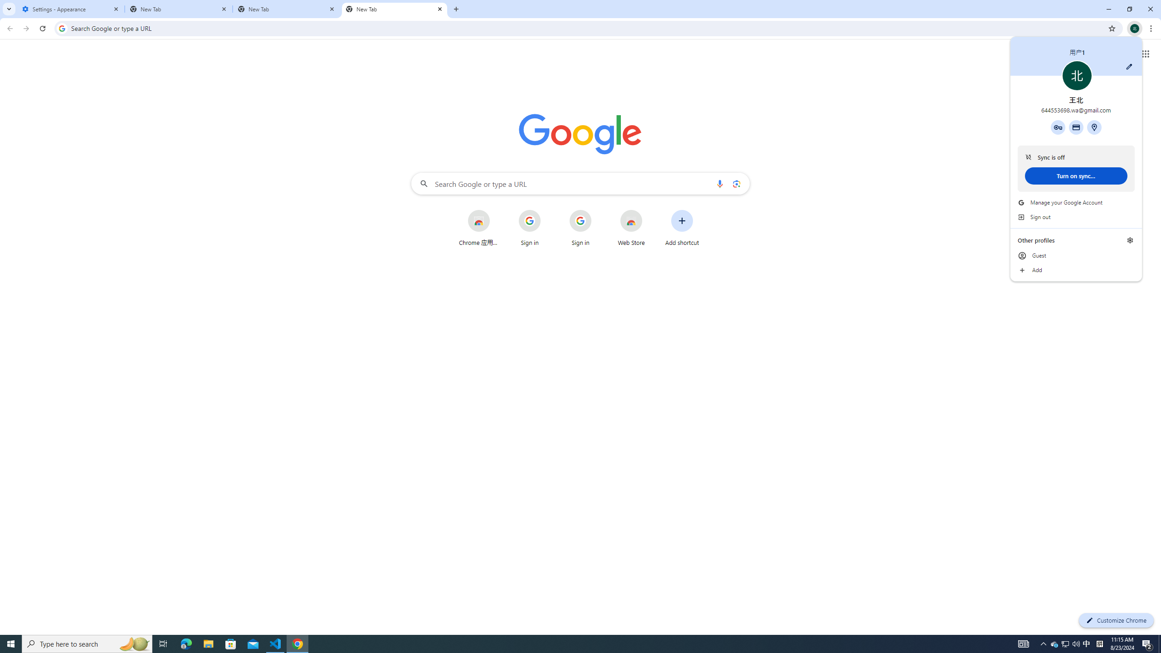 The image size is (1161, 653). I want to click on 'AutomationID: 4105', so click(1054, 643).